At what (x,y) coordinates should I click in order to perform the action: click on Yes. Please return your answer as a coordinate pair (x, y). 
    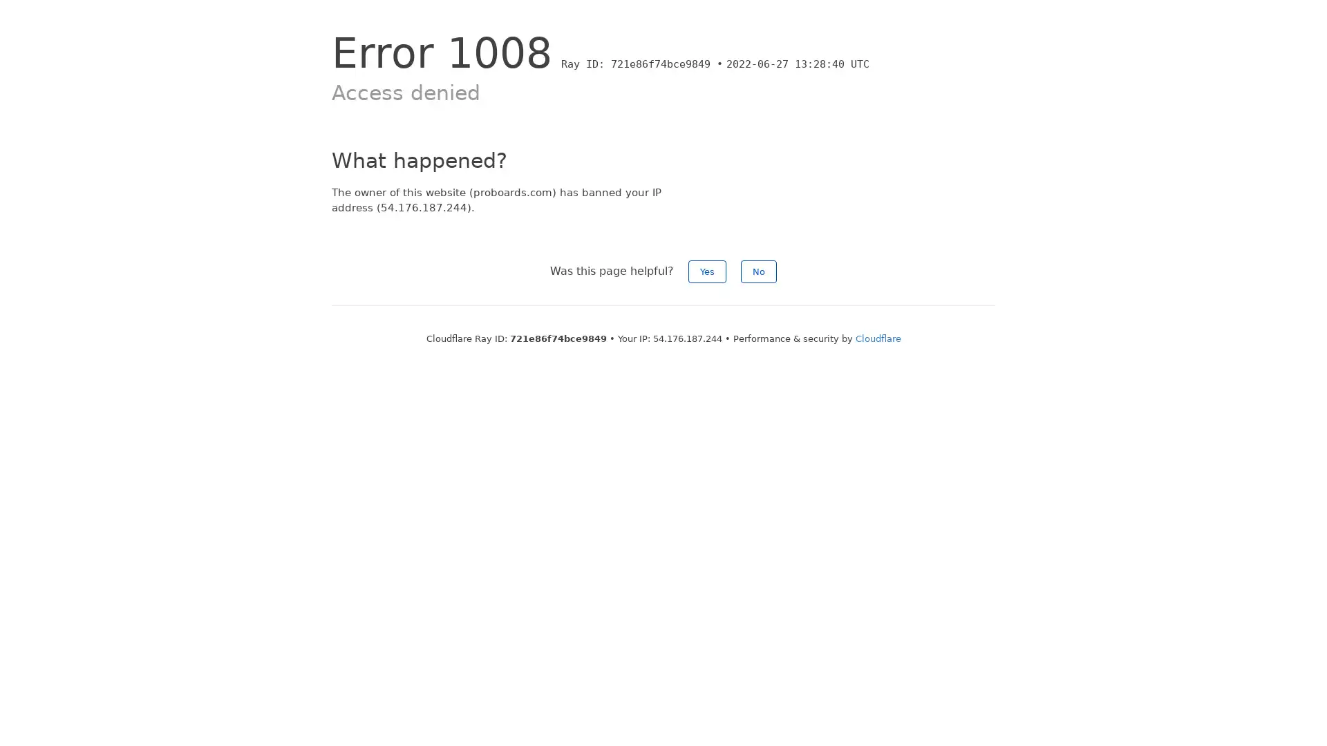
    Looking at the image, I should click on (707, 271).